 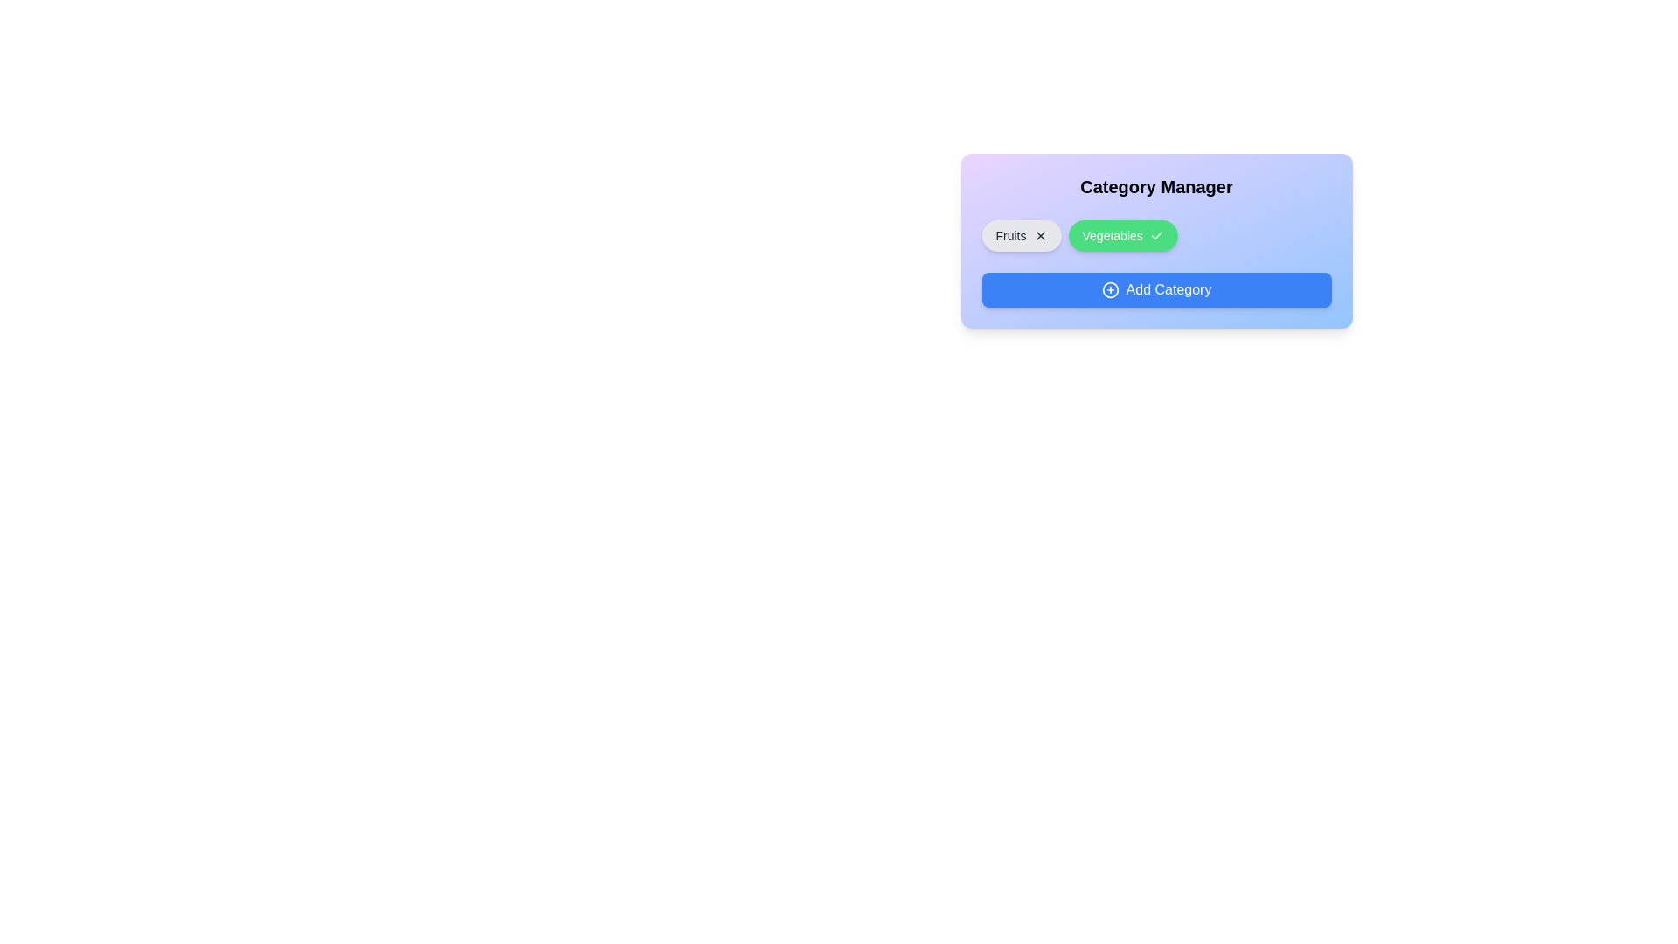 I want to click on the 'Add Category' button to add a new category, so click(x=1156, y=288).